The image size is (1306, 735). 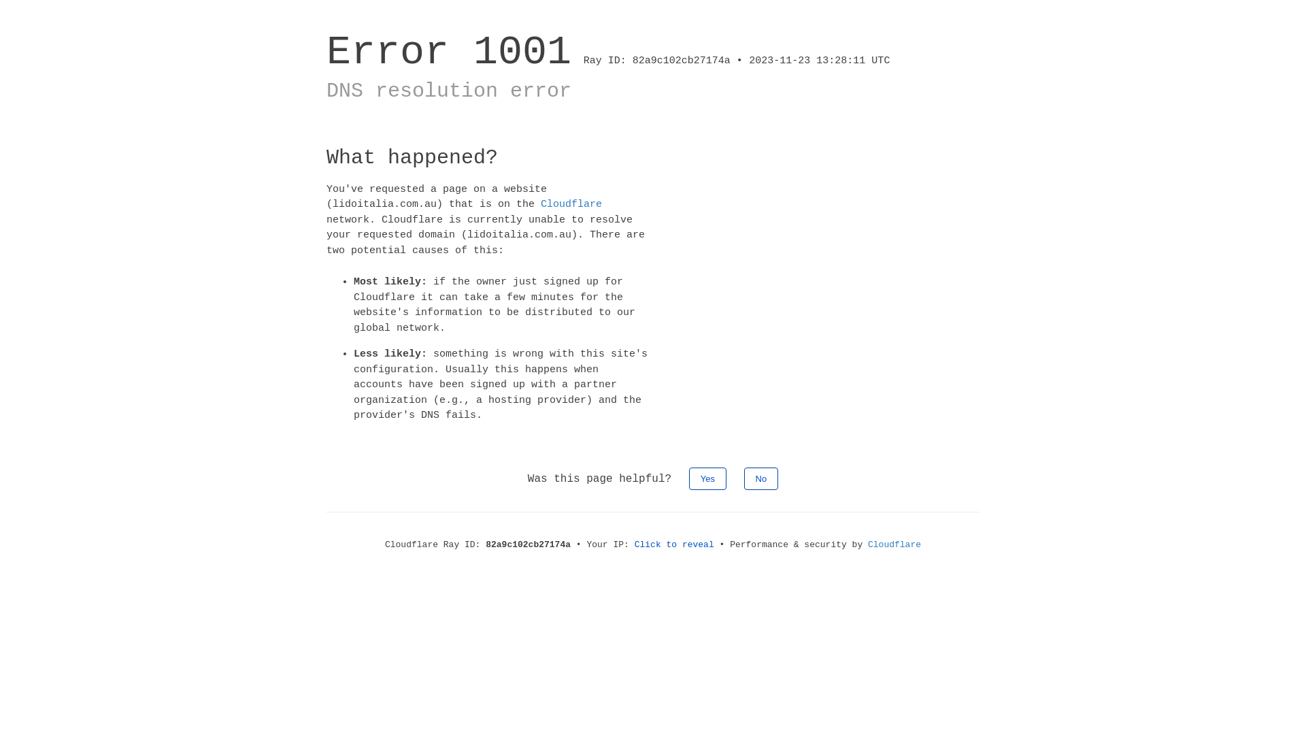 What do you see at coordinates (760, 477) in the screenshot?
I see `'No'` at bounding box center [760, 477].